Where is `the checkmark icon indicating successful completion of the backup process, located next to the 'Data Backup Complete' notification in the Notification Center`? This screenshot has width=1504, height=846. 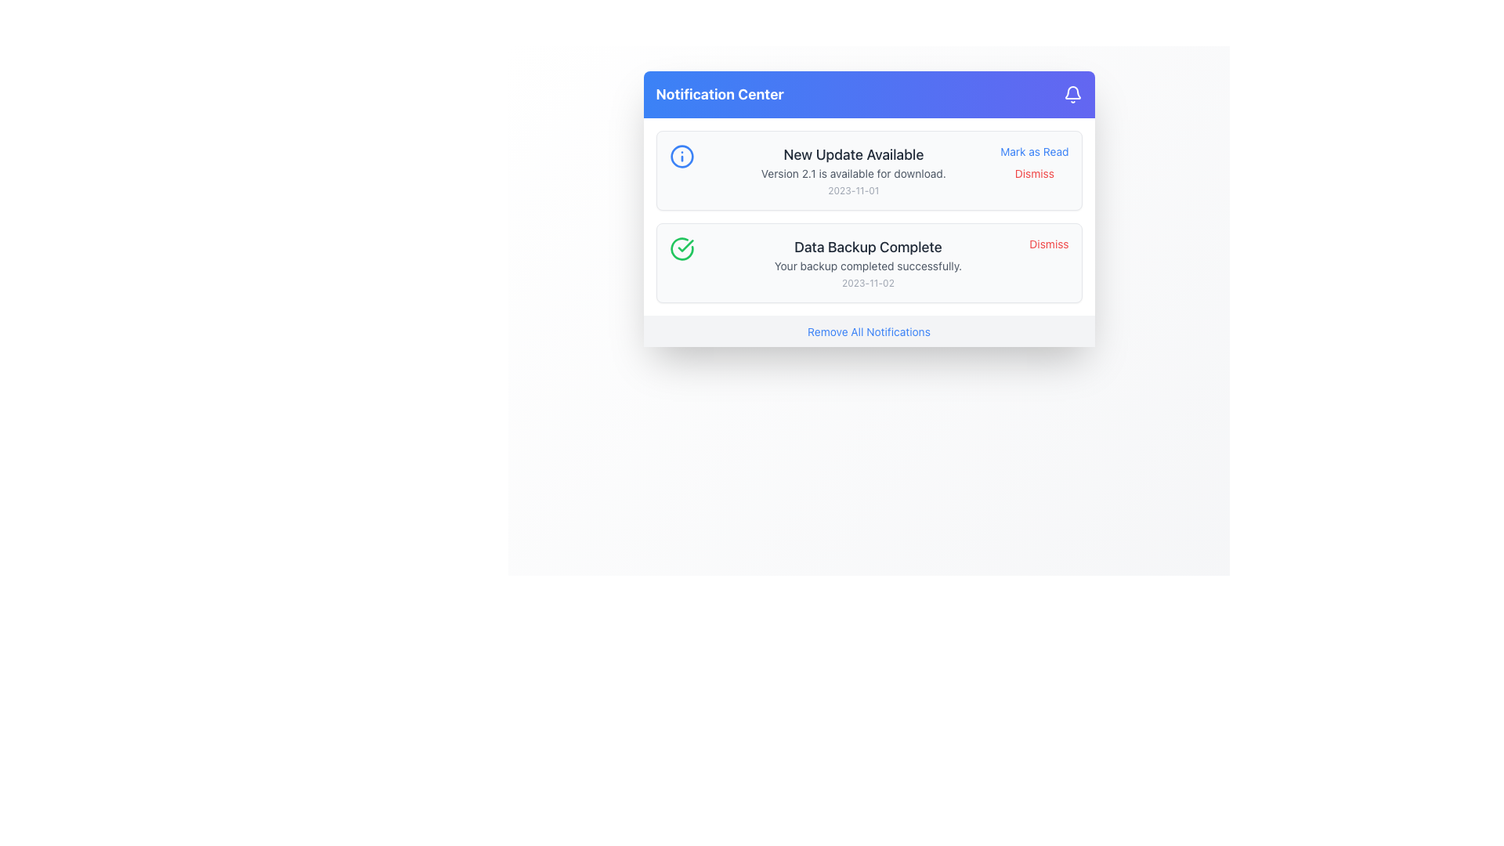
the checkmark icon indicating successful completion of the backup process, located next to the 'Data Backup Complete' notification in the Notification Center is located at coordinates (685, 245).